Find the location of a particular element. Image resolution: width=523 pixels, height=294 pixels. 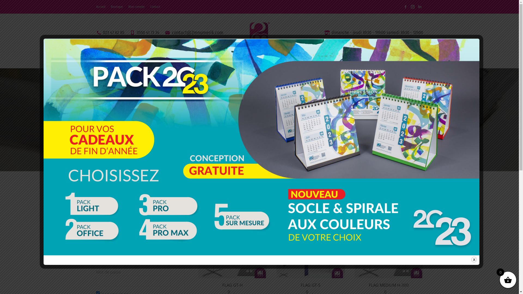

'GRAND FORMAT' is located at coordinates (249, 60).